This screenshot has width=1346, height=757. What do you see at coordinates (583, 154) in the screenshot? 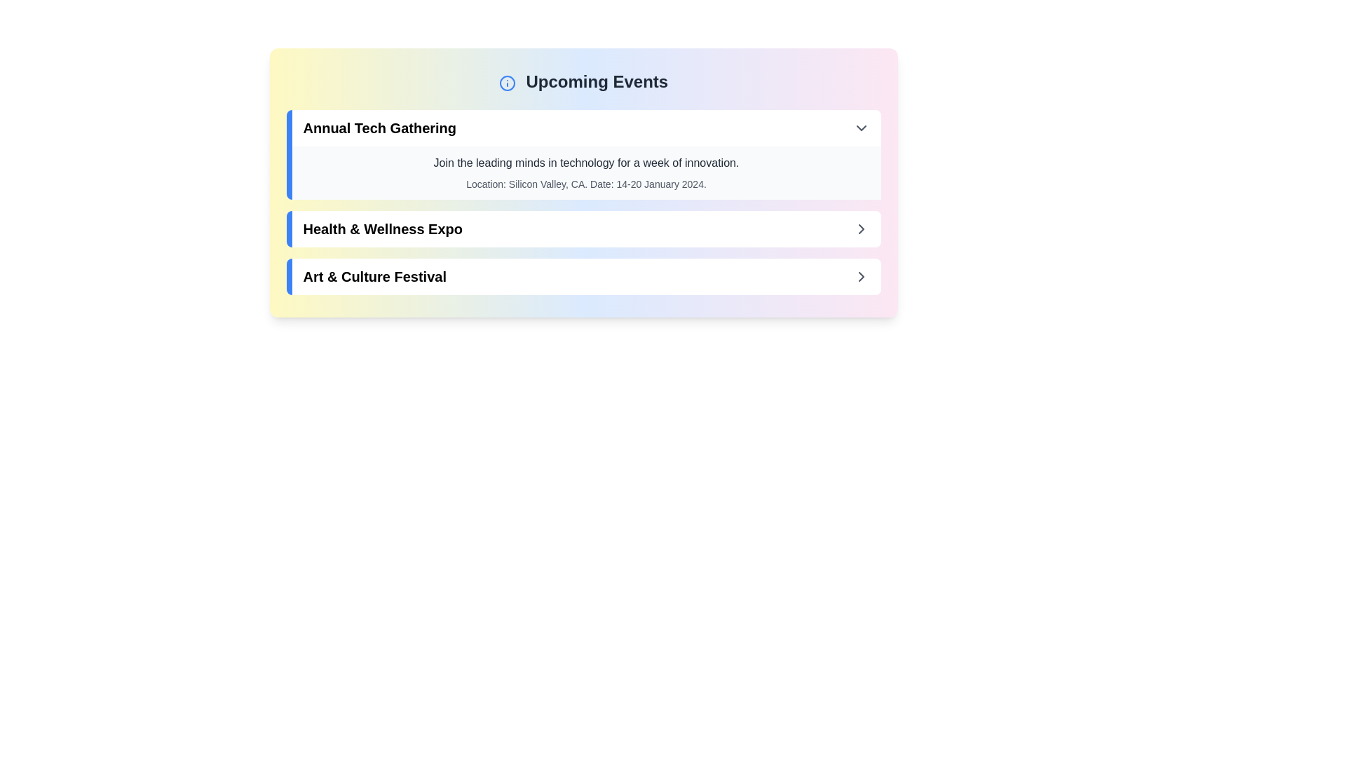
I see `details of the Event card titled 'Annual Tech Gathering,' which is the first item in the list of upcoming events` at bounding box center [583, 154].